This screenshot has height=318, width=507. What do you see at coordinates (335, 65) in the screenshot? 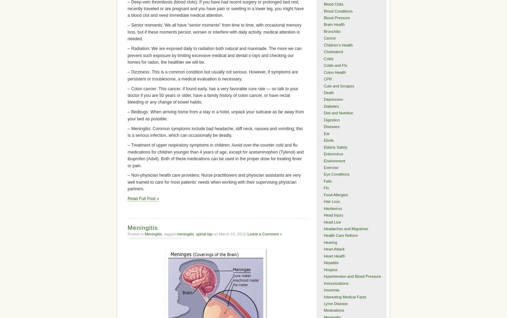
I see `'Colds and Flu'` at bounding box center [335, 65].